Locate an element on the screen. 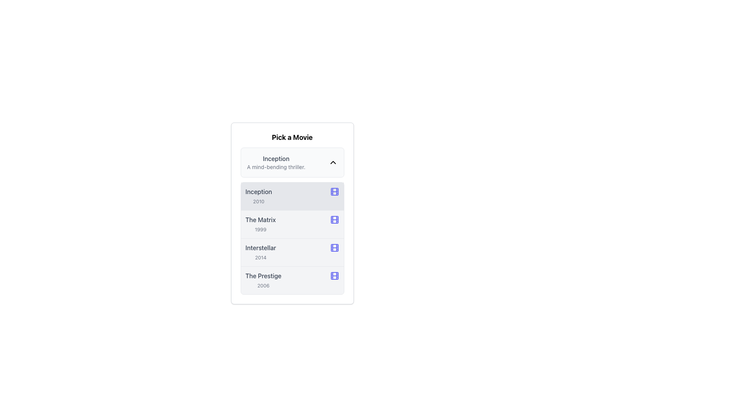 This screenshot has width=737, height=415. the rectangular filmstrip icon located to the right of 'The Prestige' and '2006' in the fourth list item of the movie selection dropdown menu is located at coordinates (334, 275).